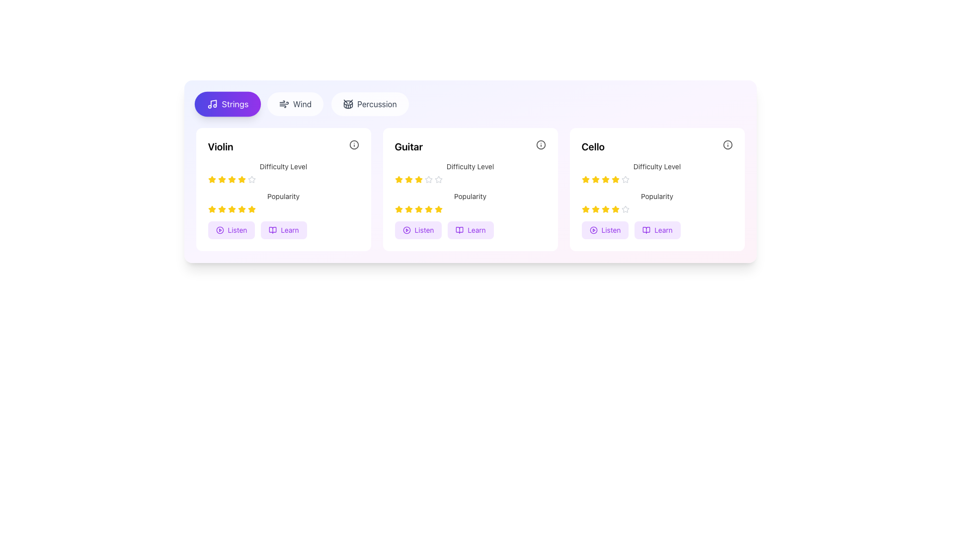 The width and height of the screenshot is (954, 536). Describe the element at coordinates (220, 147) in the screenshot. I see `the 'Violin' text label, which is styled prominently as a title in bold, large font within the first card of the 'Strings' category section` at that location.